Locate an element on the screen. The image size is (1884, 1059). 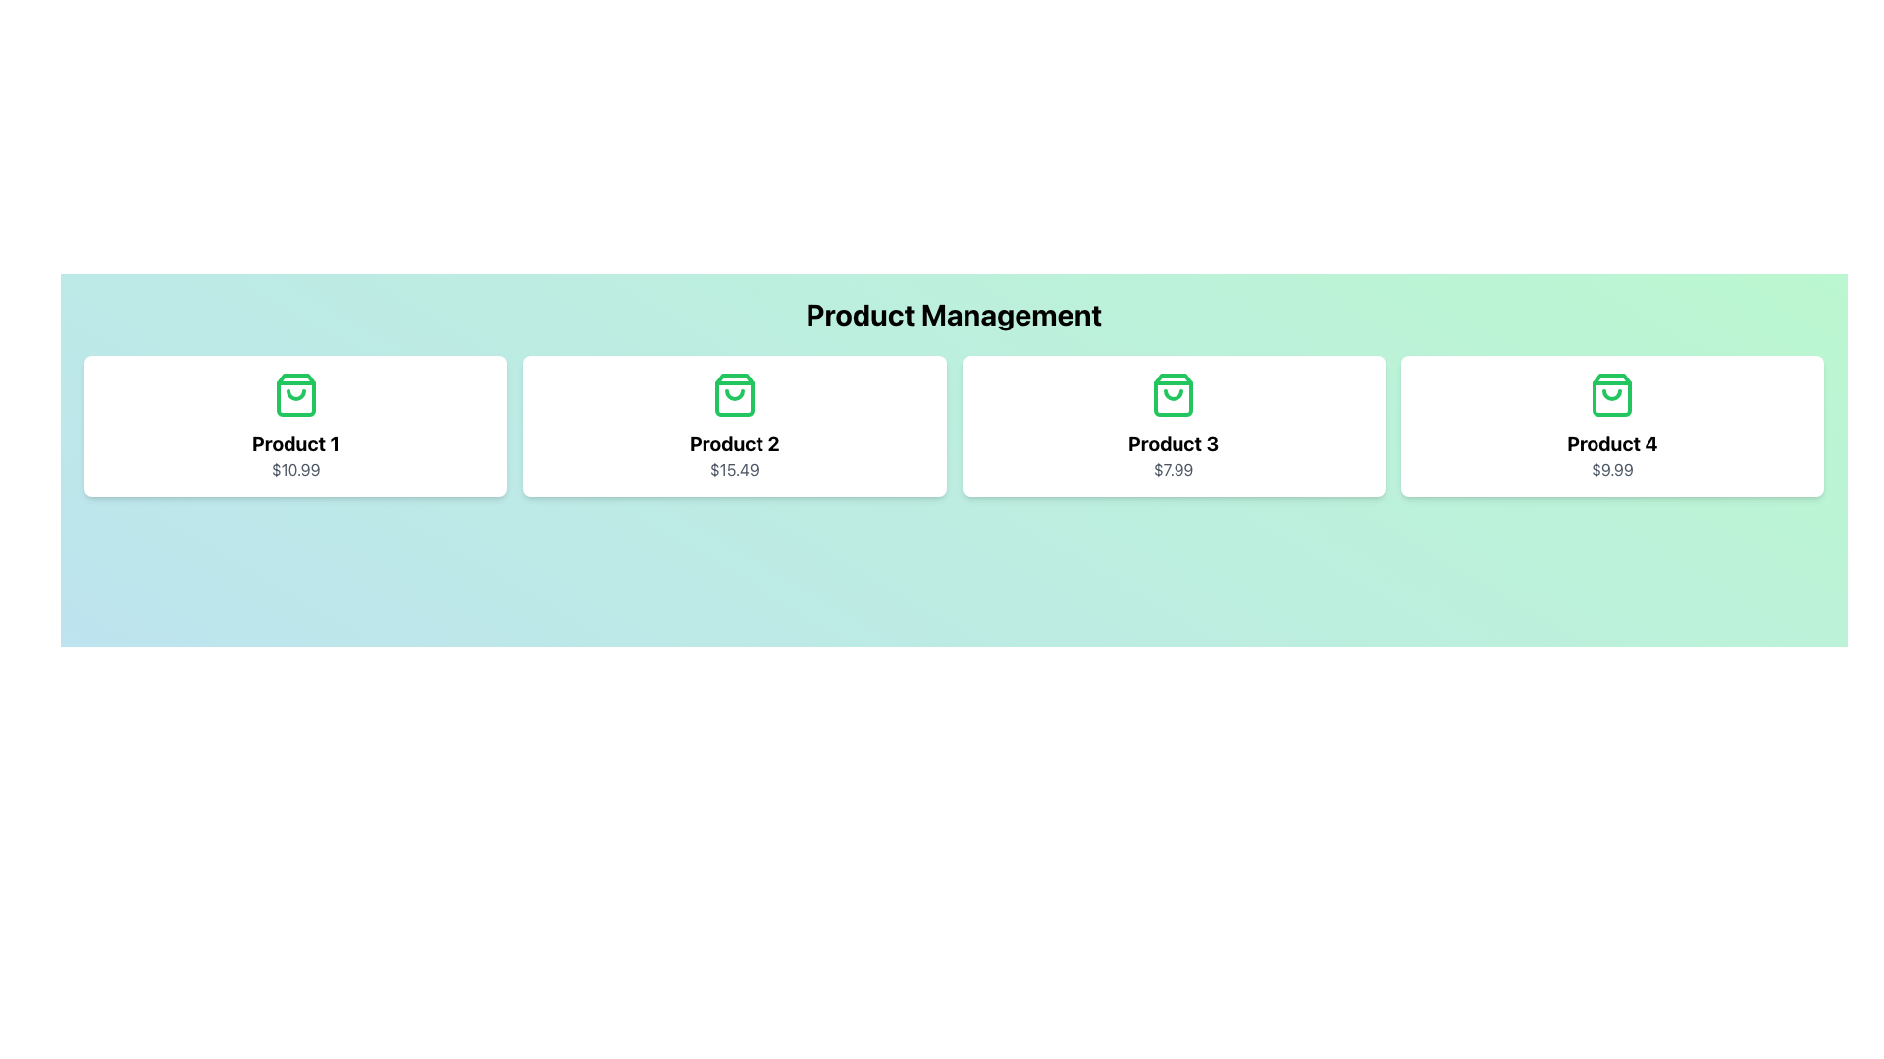
the shopping bag icon located at the top center of the 'Product 4' card, which is positioned above the text '$9.99' is located at coordinates (1612, 394).